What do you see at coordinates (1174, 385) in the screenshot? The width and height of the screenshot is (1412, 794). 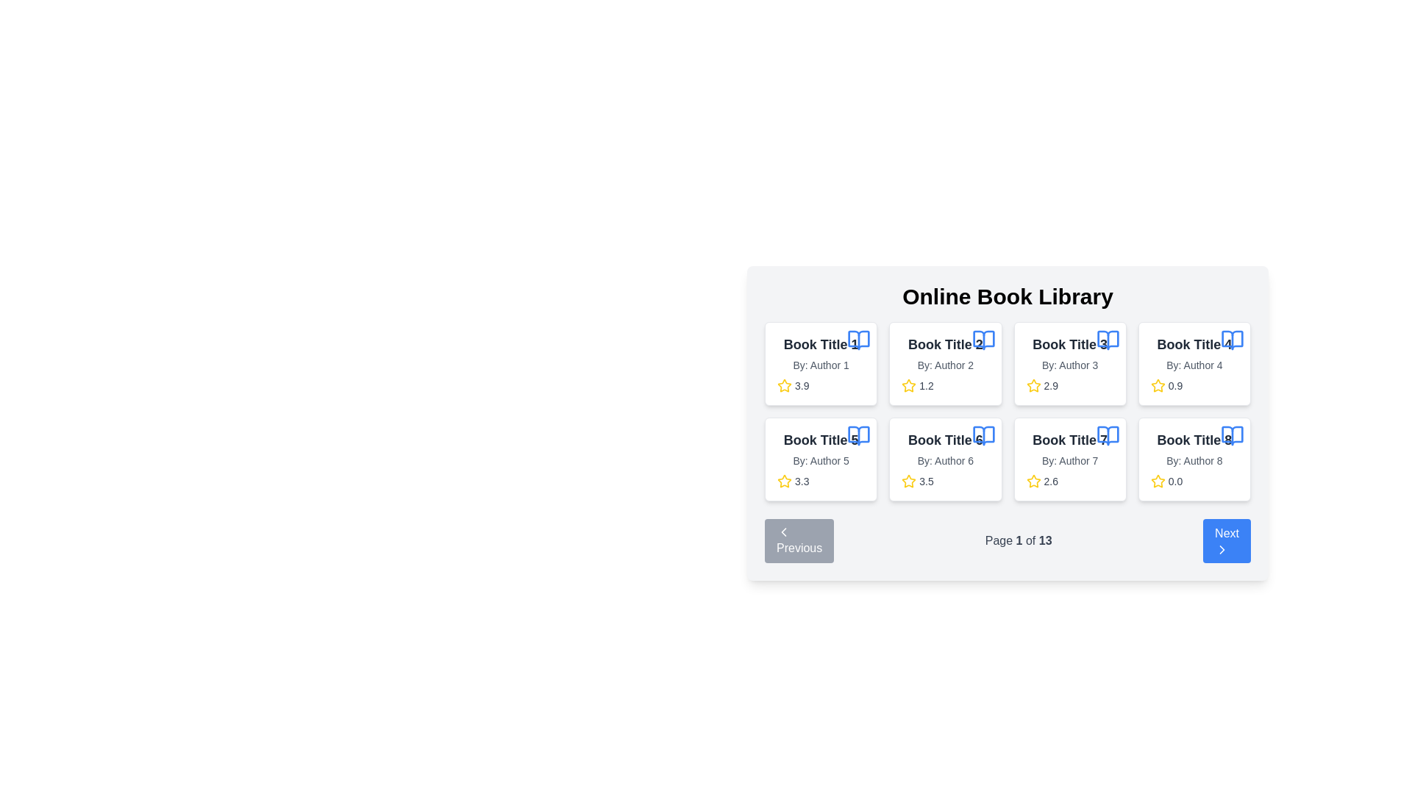 I see `the text label displaying the rating value '0.9', which is located in the fourth book tile from the left in the top row of the grid layout, adjacent to a yellow star icon` at bounding box center [1174, 385].